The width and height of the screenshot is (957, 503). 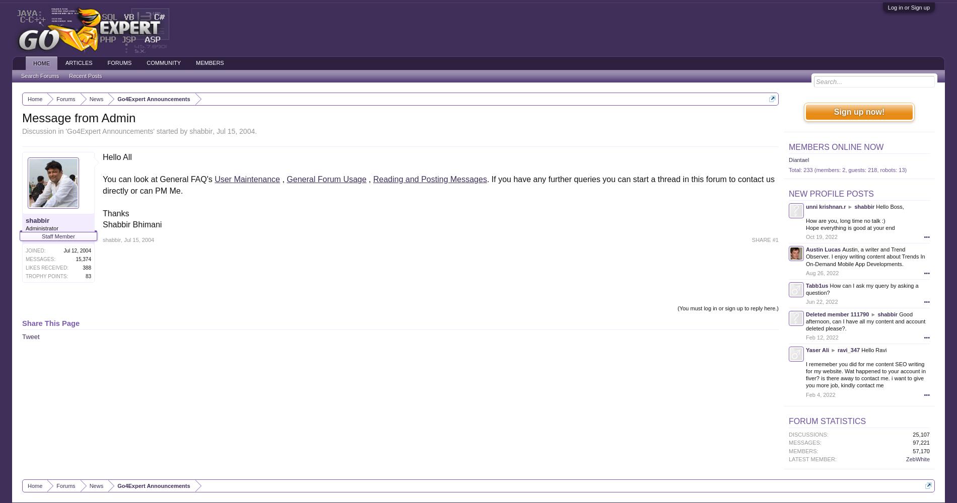 What do you see at coordinates (87, 267) in the screenshot?
I see `'388'` at bounding box center [87, 267].